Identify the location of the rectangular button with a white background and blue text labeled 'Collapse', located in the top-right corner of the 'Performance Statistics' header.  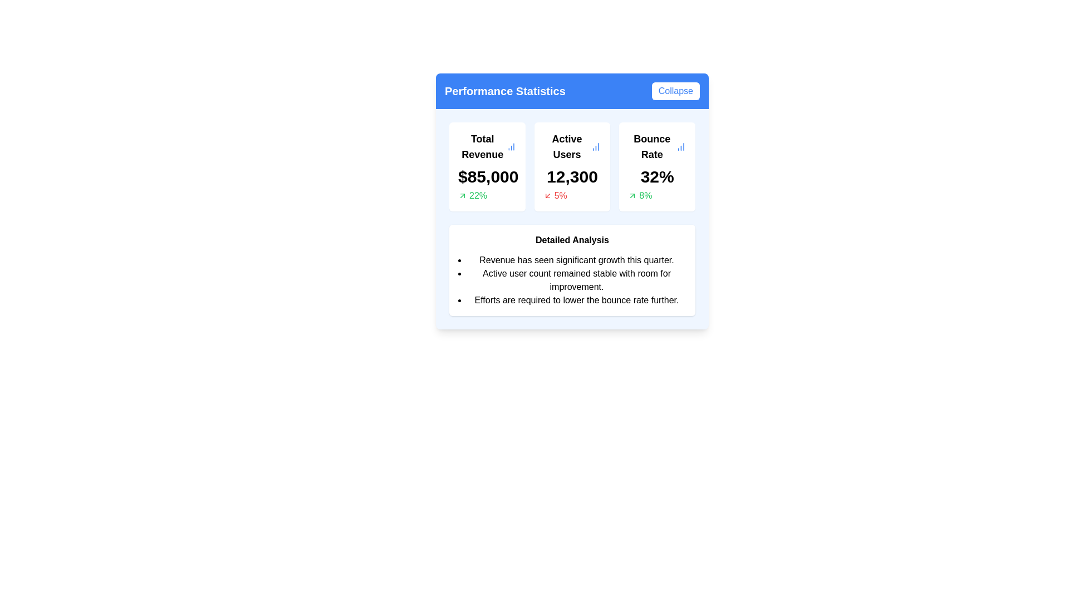
(675, 91).